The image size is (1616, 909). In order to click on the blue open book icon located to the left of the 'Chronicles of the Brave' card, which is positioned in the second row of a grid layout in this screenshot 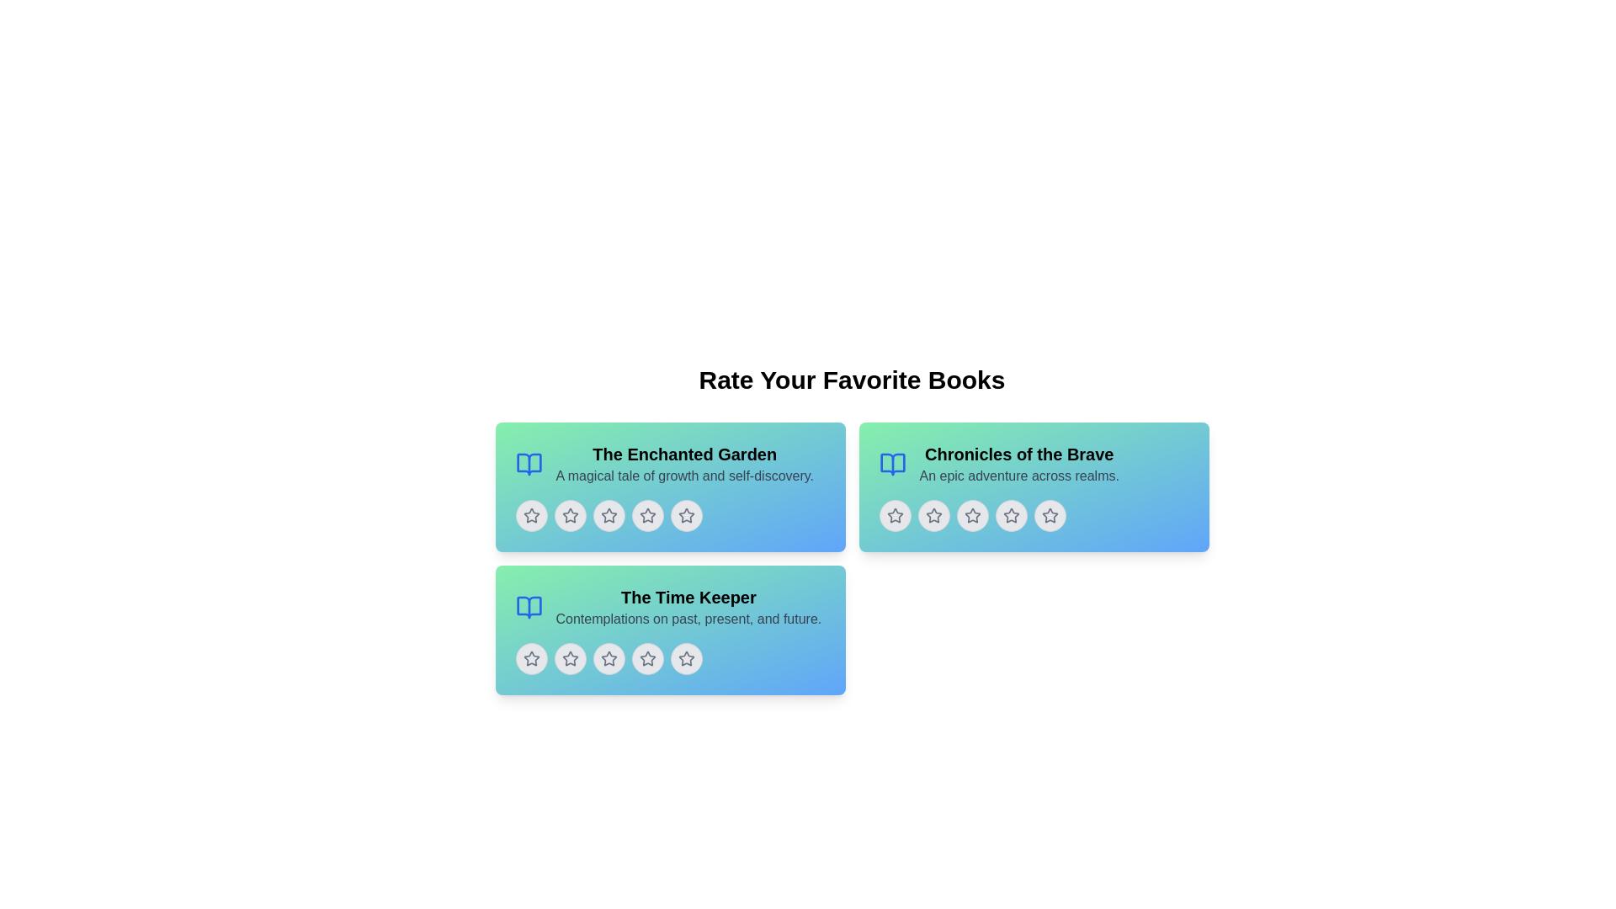, I will do `click(891, 464)`.